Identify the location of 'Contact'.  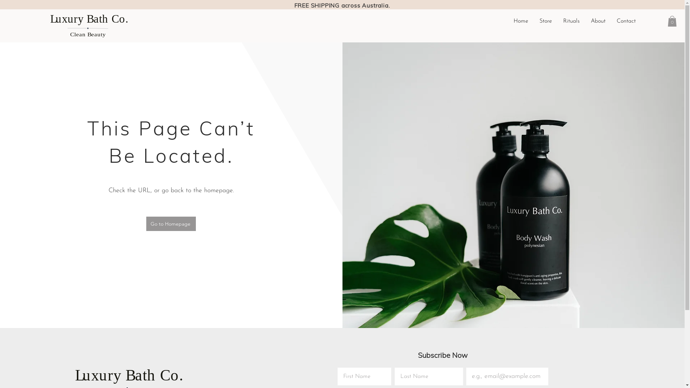
(626, 20).